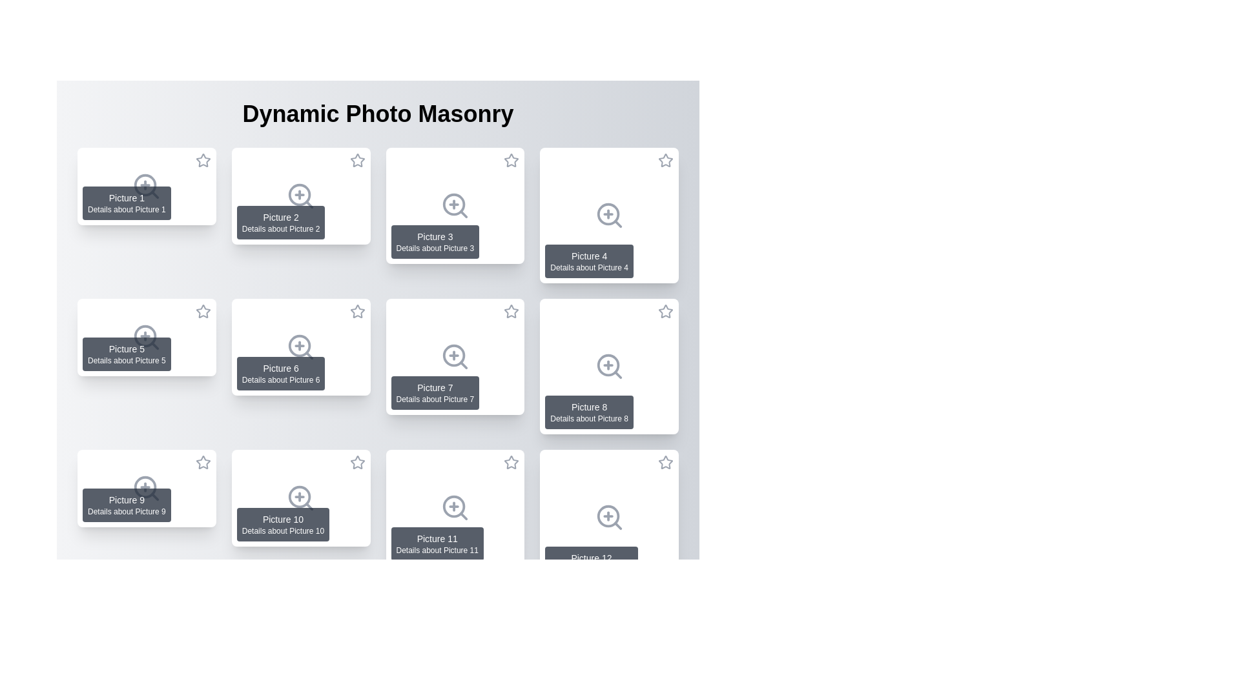  I want to click on the informational Text label located at the bottom section of the card labeled 'Picture 2', which provides supplementary information about the associated picture above it, so click(280, 228).